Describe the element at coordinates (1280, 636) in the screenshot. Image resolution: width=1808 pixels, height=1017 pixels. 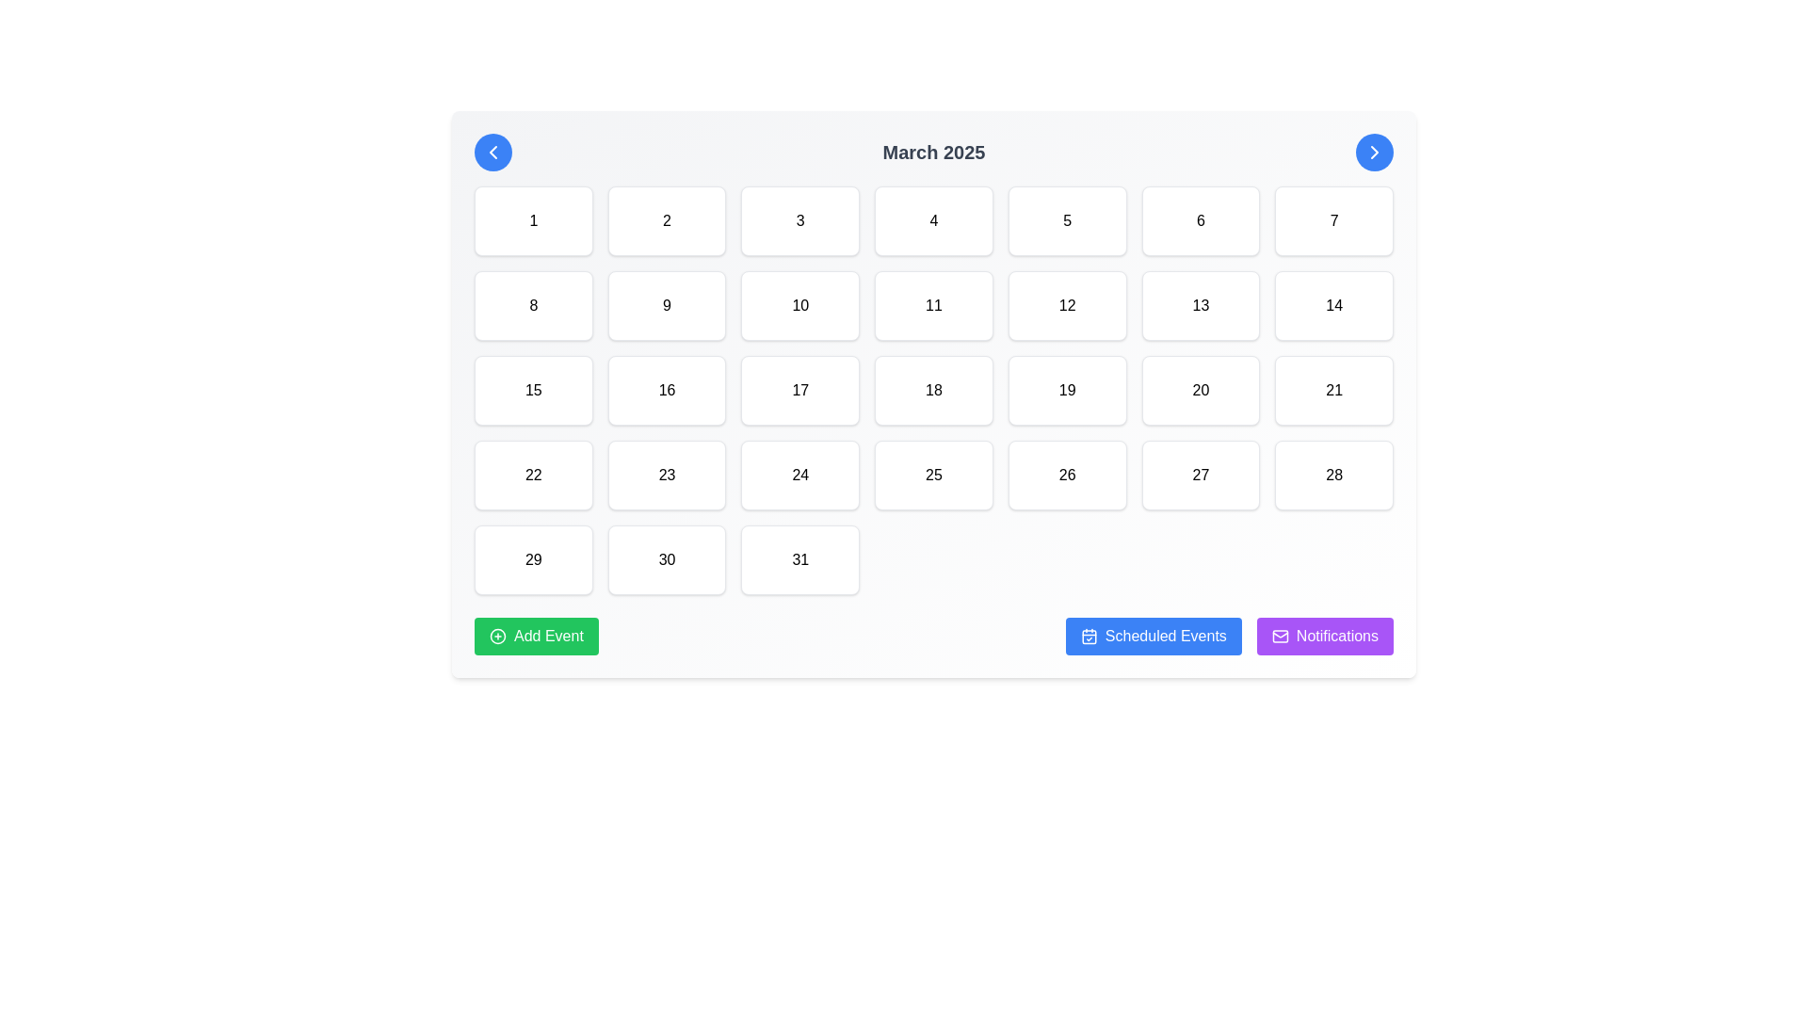
I see `the notifications icon located within the 'Notifications' button at the bottom-right corner of the application, positioned to the left of the text label 'Notifications'` at that location.